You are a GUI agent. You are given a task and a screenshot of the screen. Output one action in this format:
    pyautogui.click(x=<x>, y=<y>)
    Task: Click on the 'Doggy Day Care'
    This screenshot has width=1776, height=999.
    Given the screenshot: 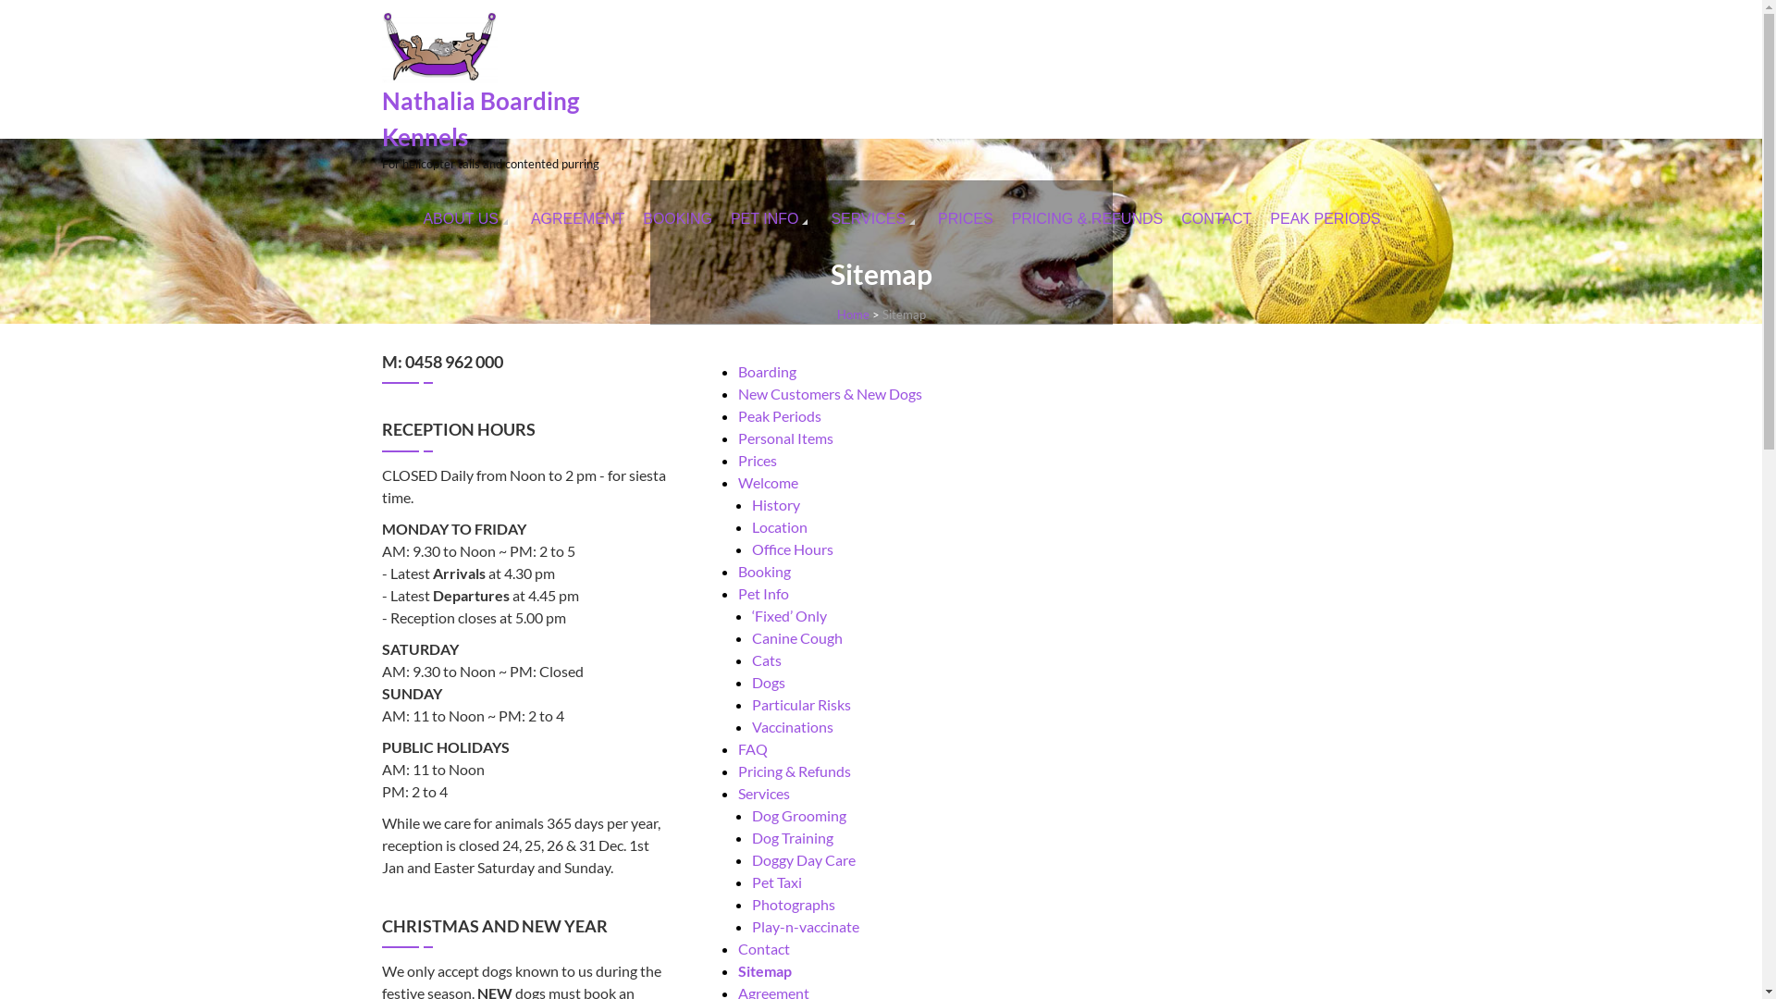 What is the action you would take?
    pyautogui.click(x=803, y=859)
    